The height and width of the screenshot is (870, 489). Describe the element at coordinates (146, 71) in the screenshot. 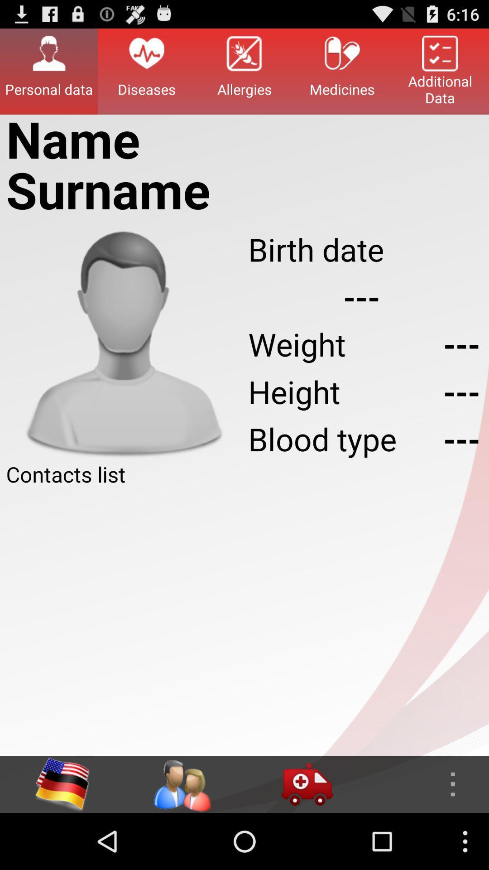

I see `item to the left of allergies button` at that location.